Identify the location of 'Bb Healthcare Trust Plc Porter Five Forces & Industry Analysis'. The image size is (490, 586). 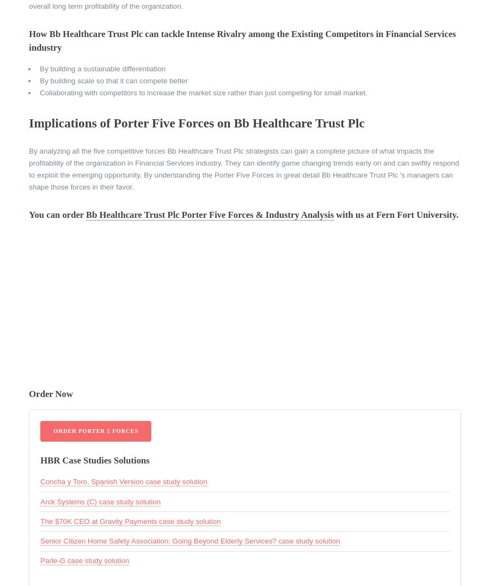
(210, 213).